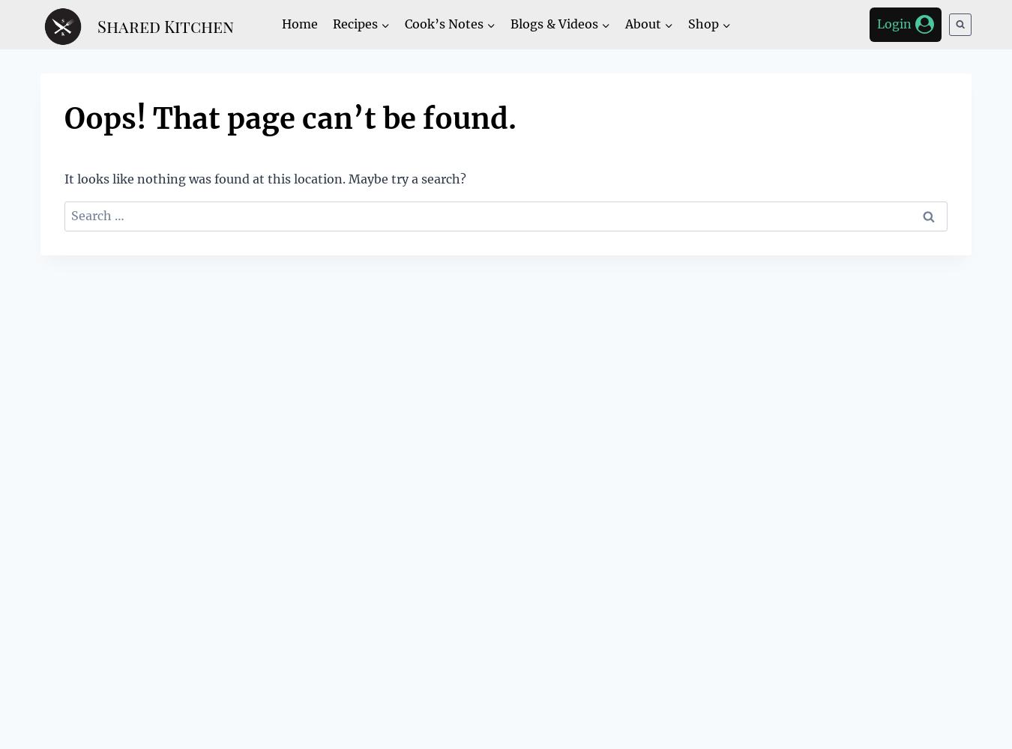 This screenshot has width=1012, height=749. What do you see at coordinates (552, 23) in the screenshot?
I see `'Blogs & Videos'` at bounding box center [552, 23].